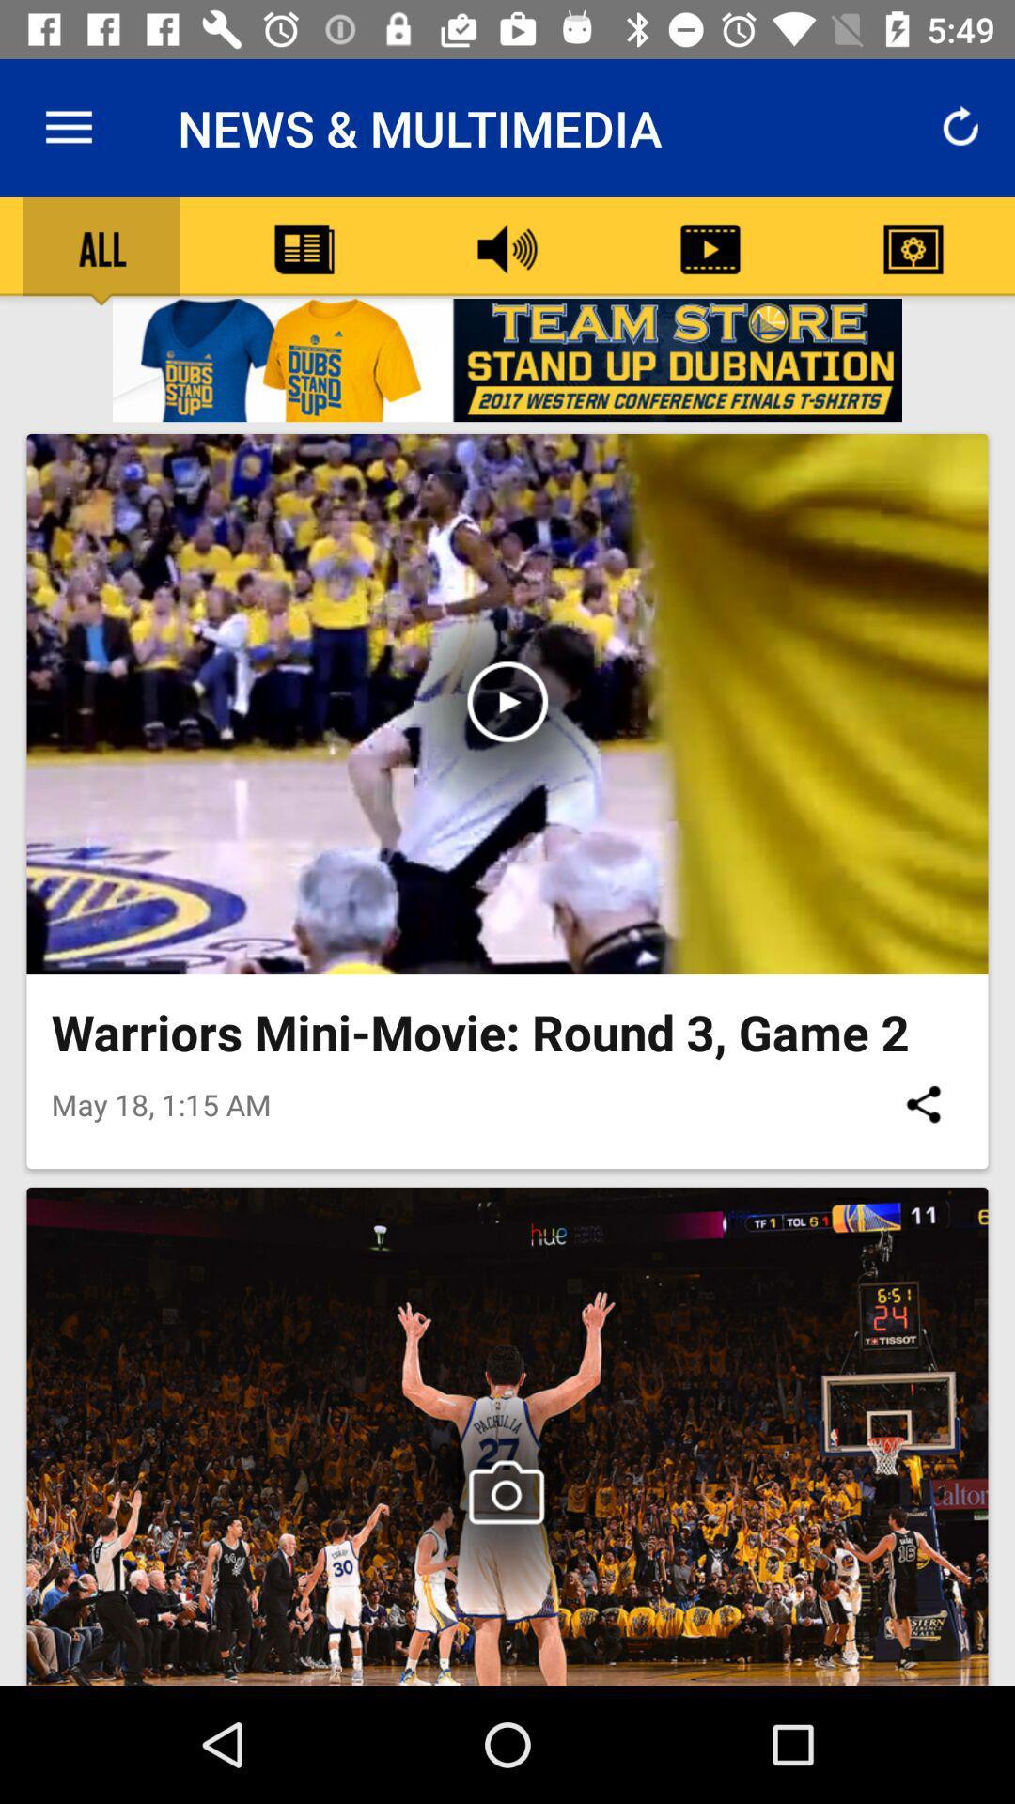 The width and height of the screenshot is (1015, 1804). What do you see at coordinates (922, 1104) in the screenshot?
I see `item next to may 18 1 item` at bounding box center [922, 1104].